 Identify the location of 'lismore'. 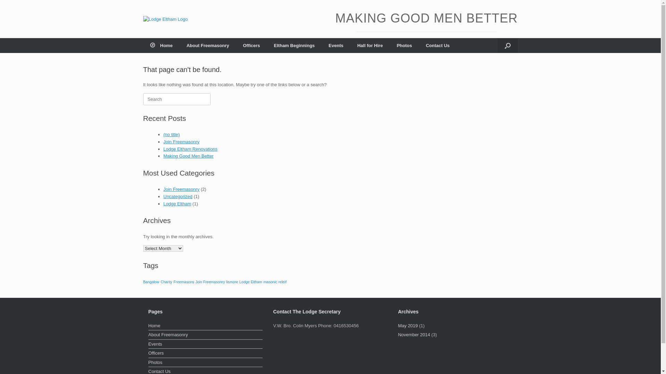
(232, 282).